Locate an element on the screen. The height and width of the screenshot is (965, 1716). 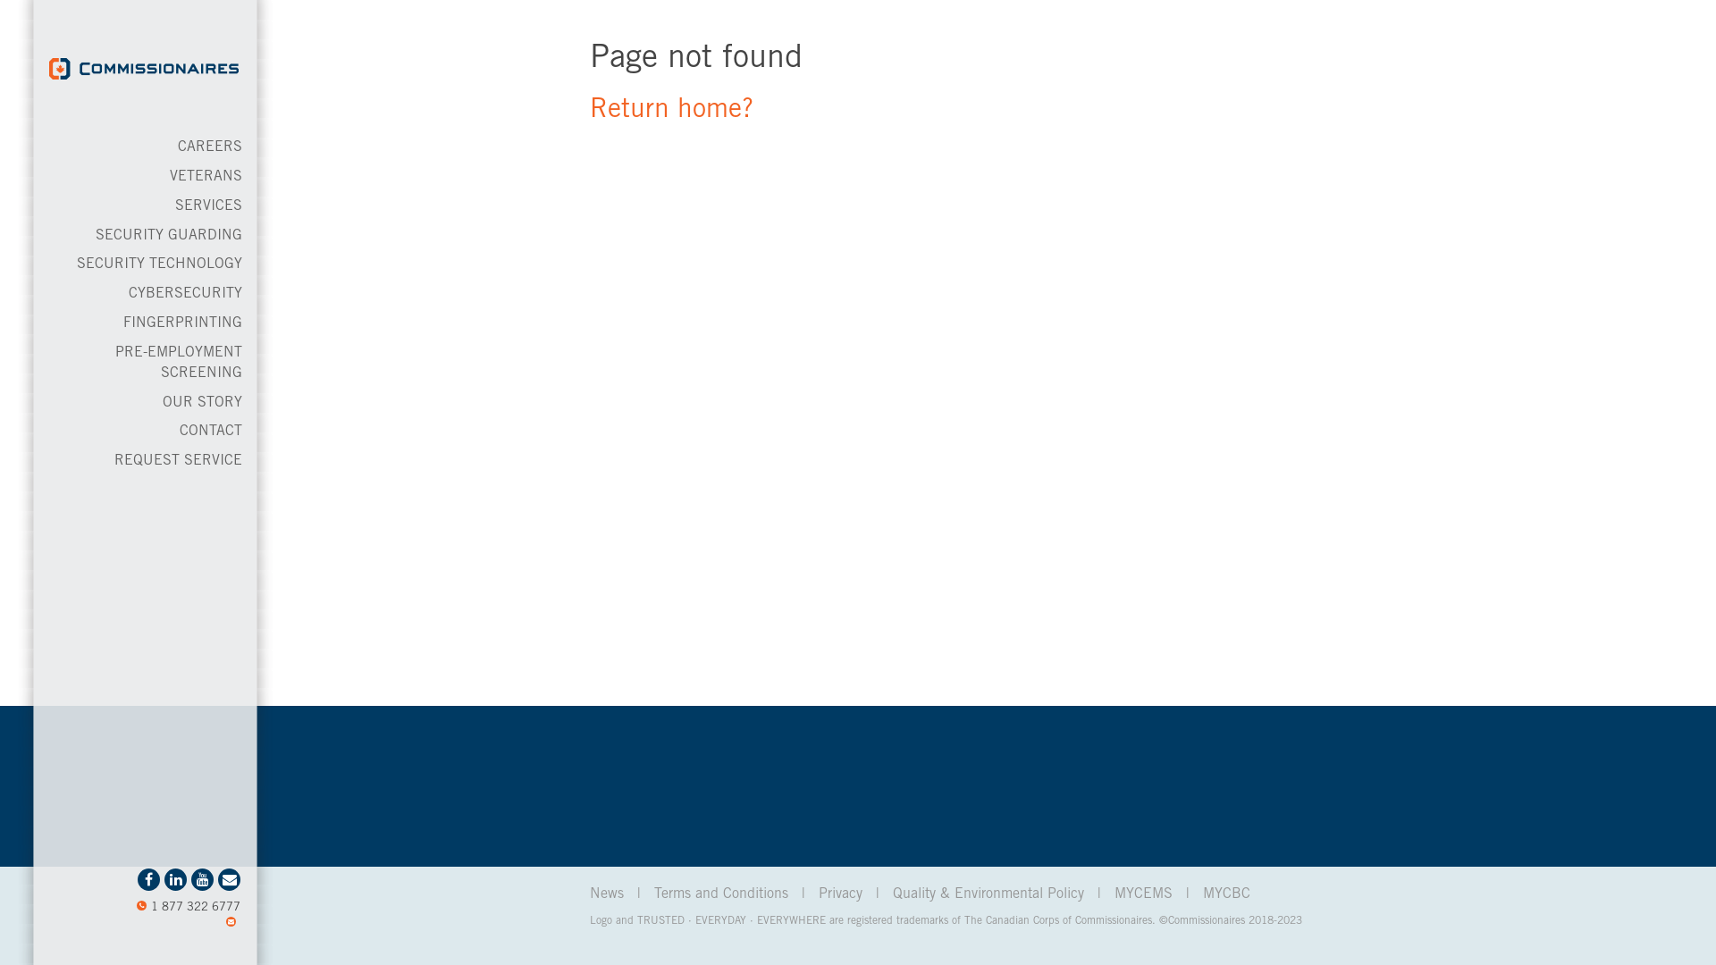
'CYBERSECURITY' is located at coordinates (185, 292).